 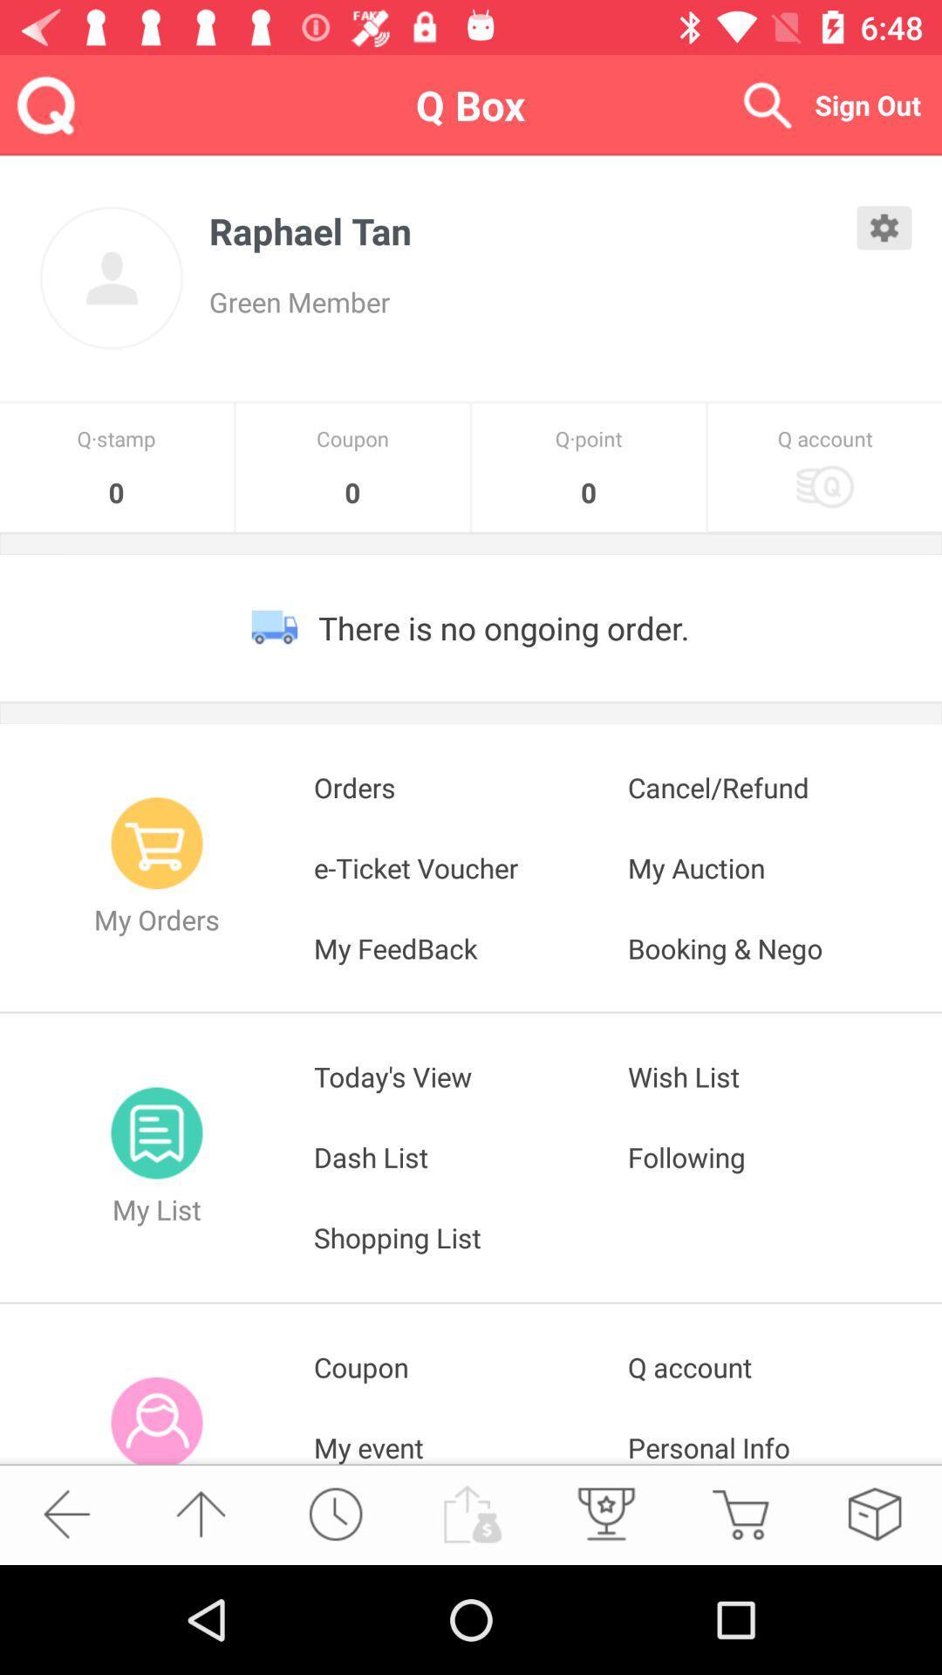 I want to click on awards button, so click(x=604, y=1513).